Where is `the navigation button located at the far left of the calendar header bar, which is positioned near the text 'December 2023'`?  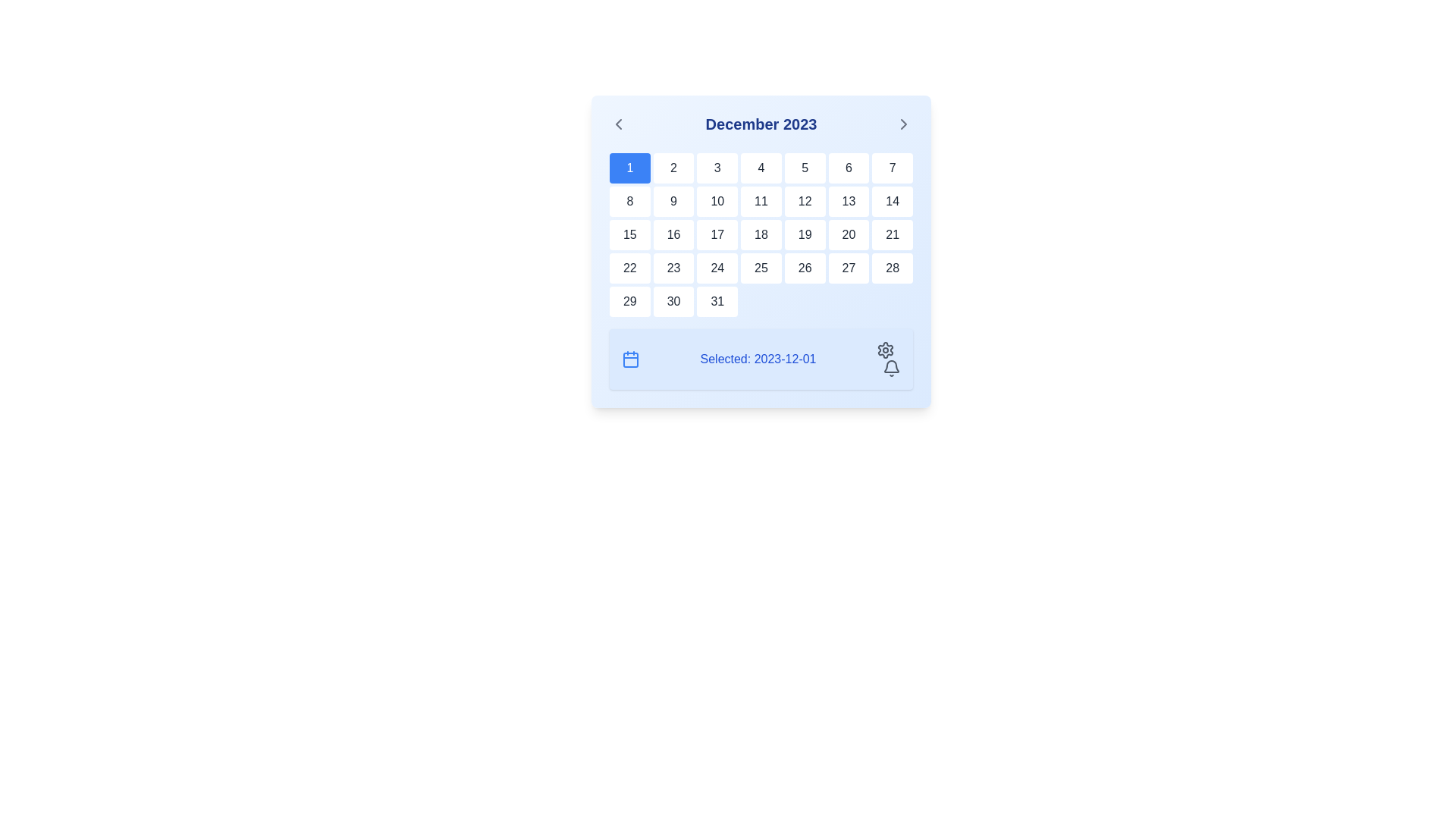
the navigation button located at the far left of the calendar header bar, which is positioned near the text 'December 2023' is located at coordinates (619, 124).